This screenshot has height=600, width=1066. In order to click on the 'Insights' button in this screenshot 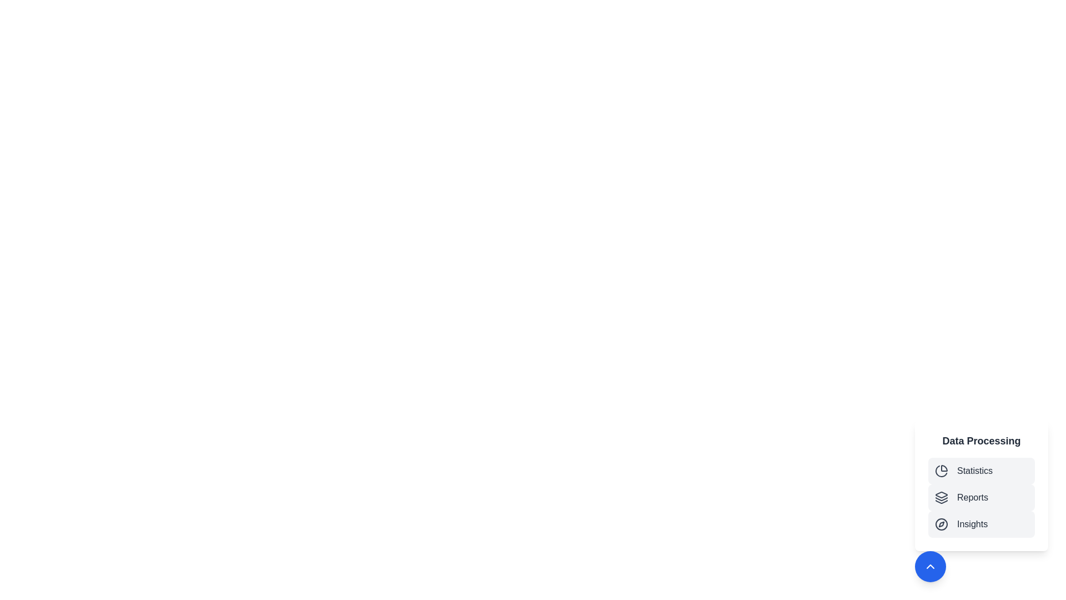, I will do `click(981, 524)`.